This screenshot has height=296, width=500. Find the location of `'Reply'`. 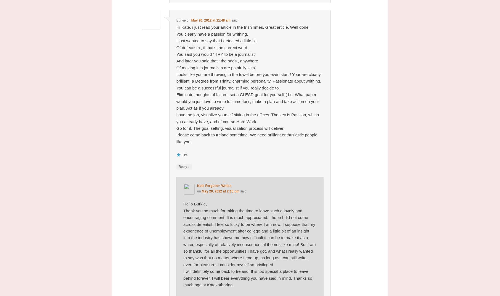

'Reply' is located at coordinates (183, 166).